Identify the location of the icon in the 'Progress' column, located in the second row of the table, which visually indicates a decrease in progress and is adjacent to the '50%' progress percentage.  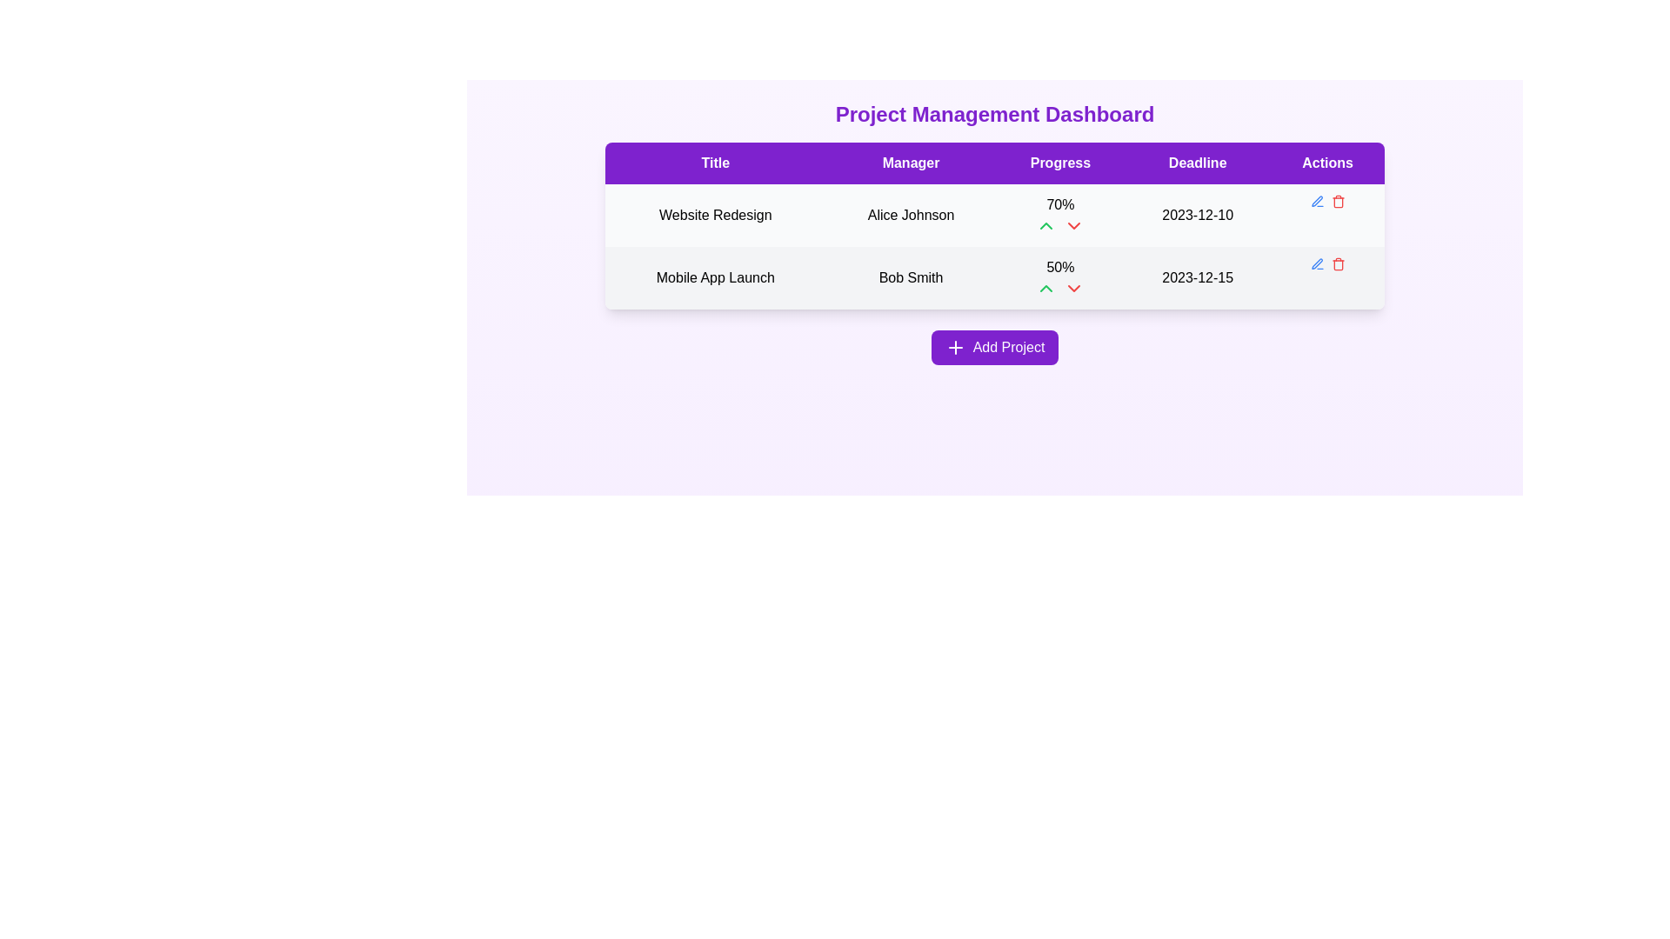
(1073, 287).